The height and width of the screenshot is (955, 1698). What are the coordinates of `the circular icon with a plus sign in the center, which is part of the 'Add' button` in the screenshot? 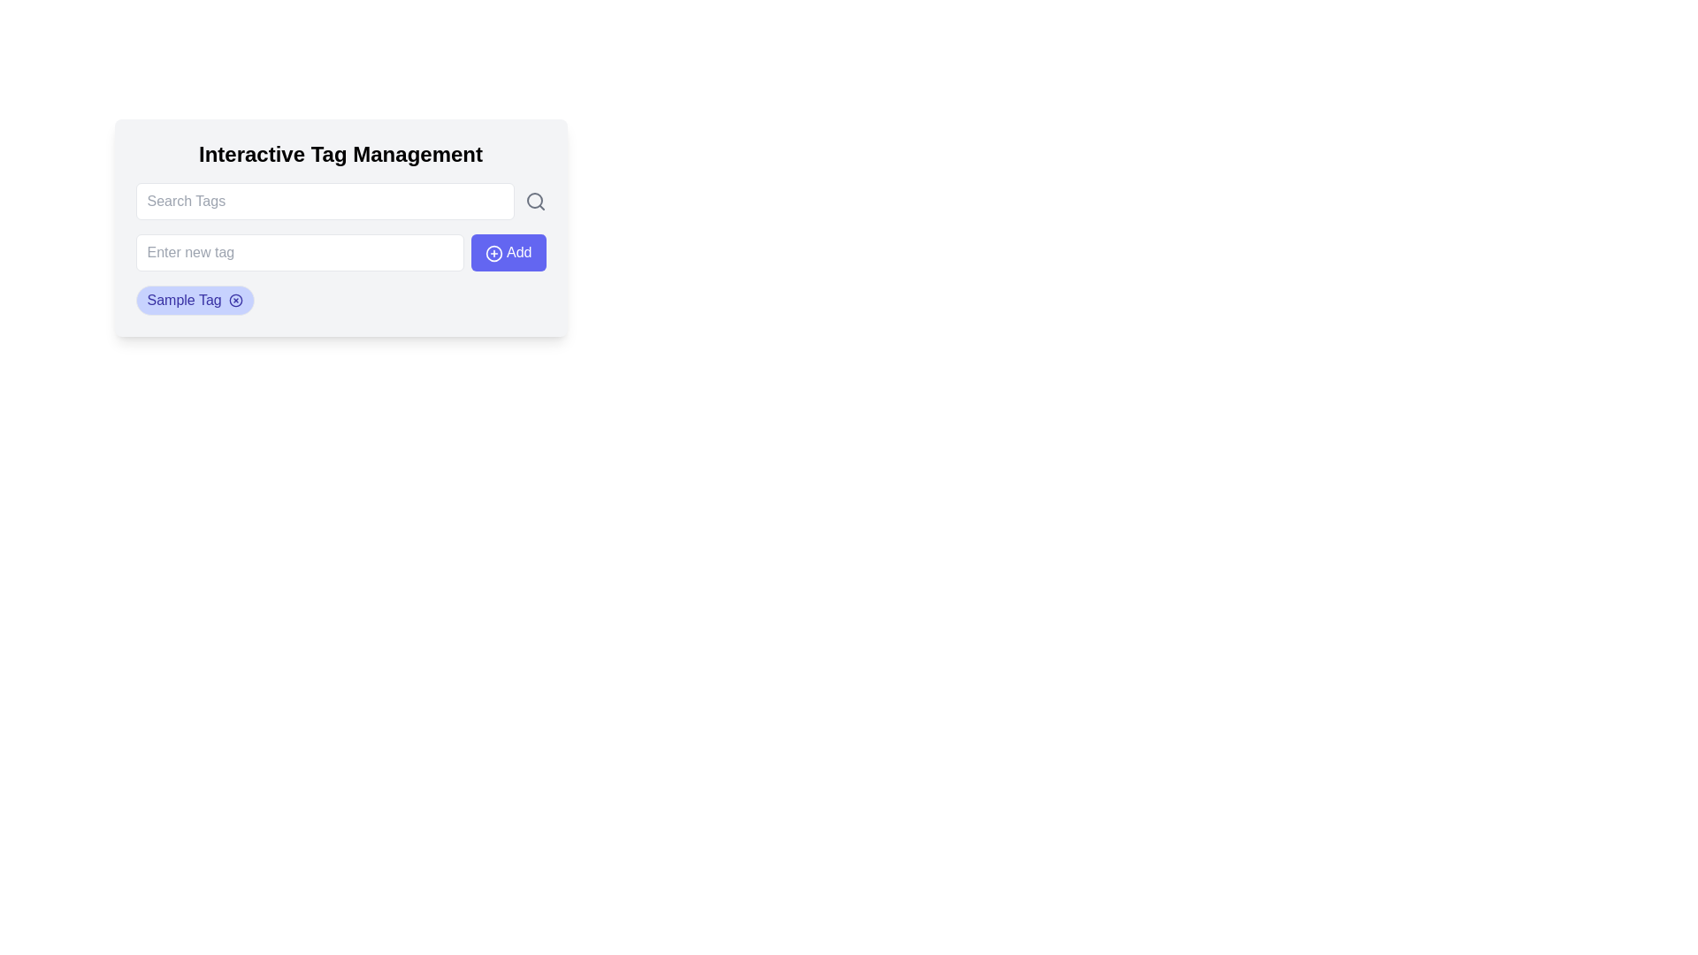 It's located at (494, 253).